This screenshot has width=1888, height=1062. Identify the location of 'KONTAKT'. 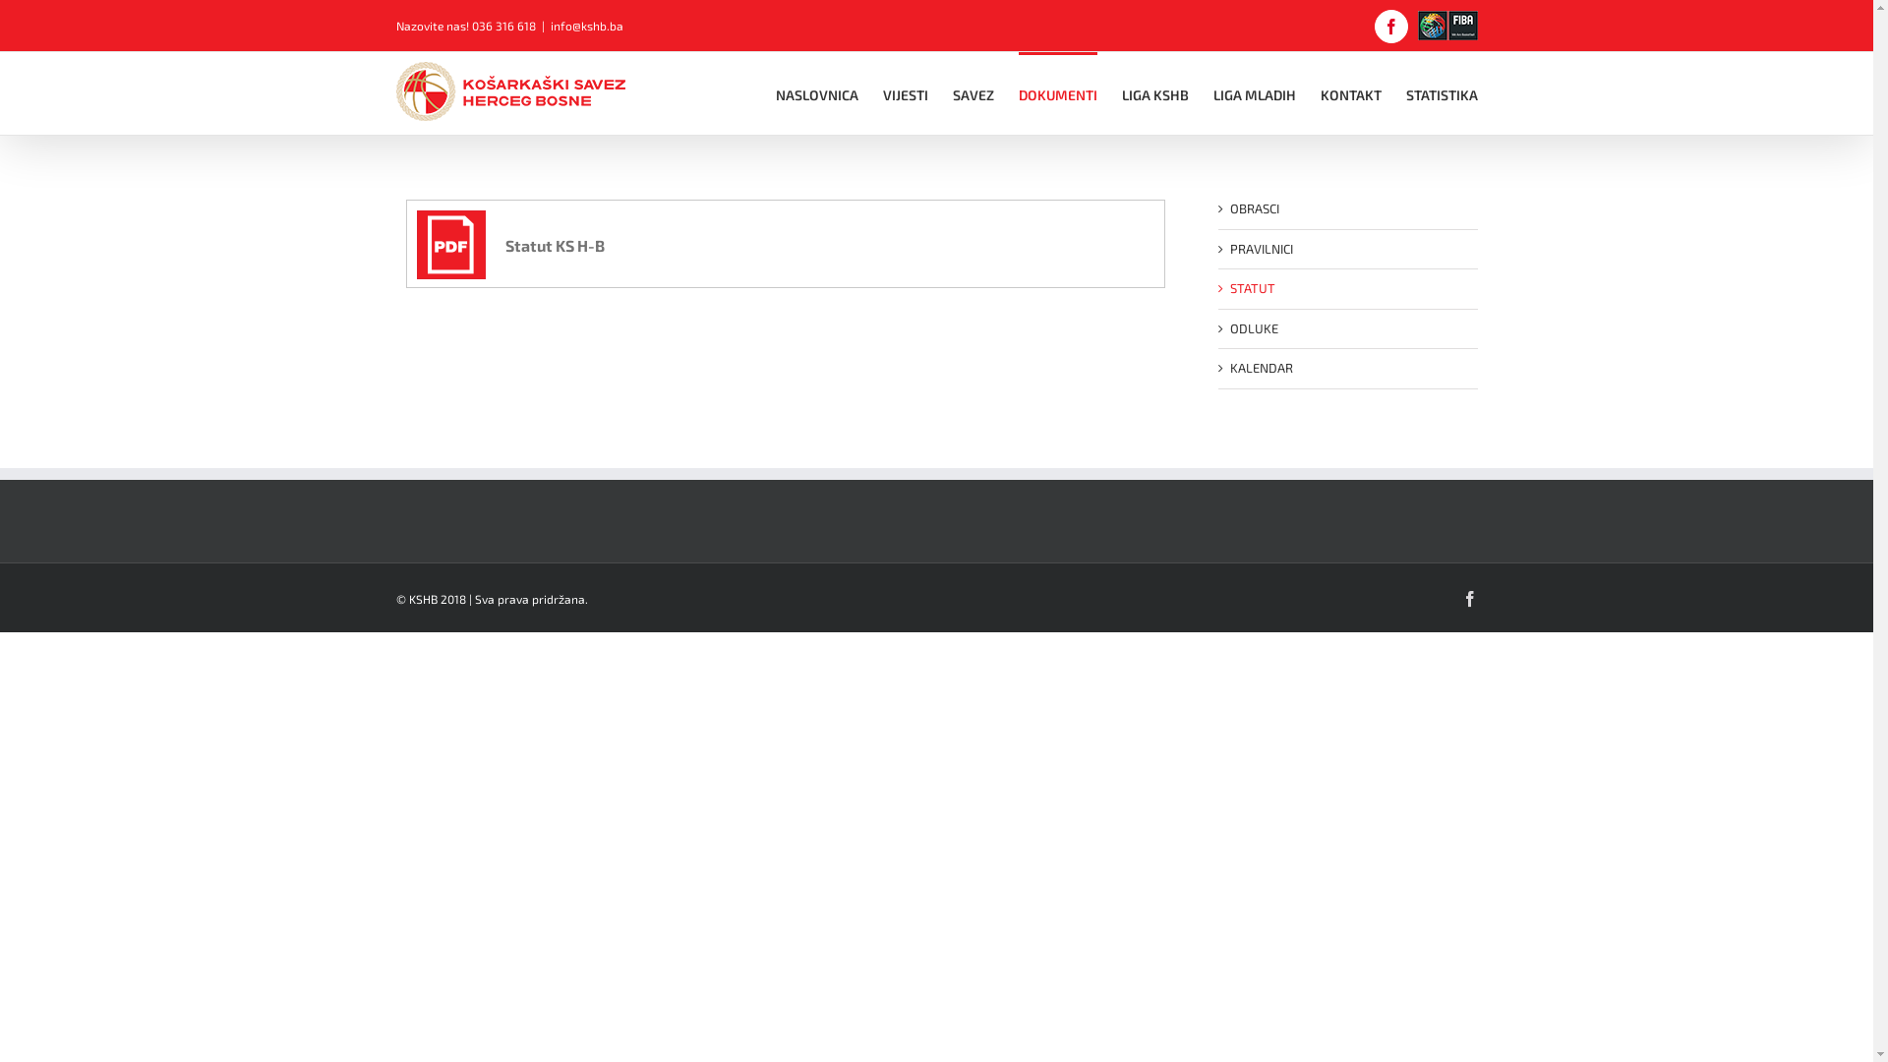
(1348, 93).